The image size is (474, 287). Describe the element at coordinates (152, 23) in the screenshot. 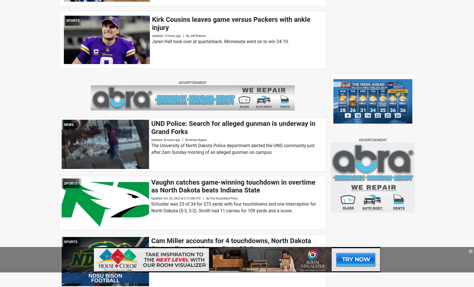

I see `'Kirk Cousins leaves game versus Packers with ankle injury'` at that location.